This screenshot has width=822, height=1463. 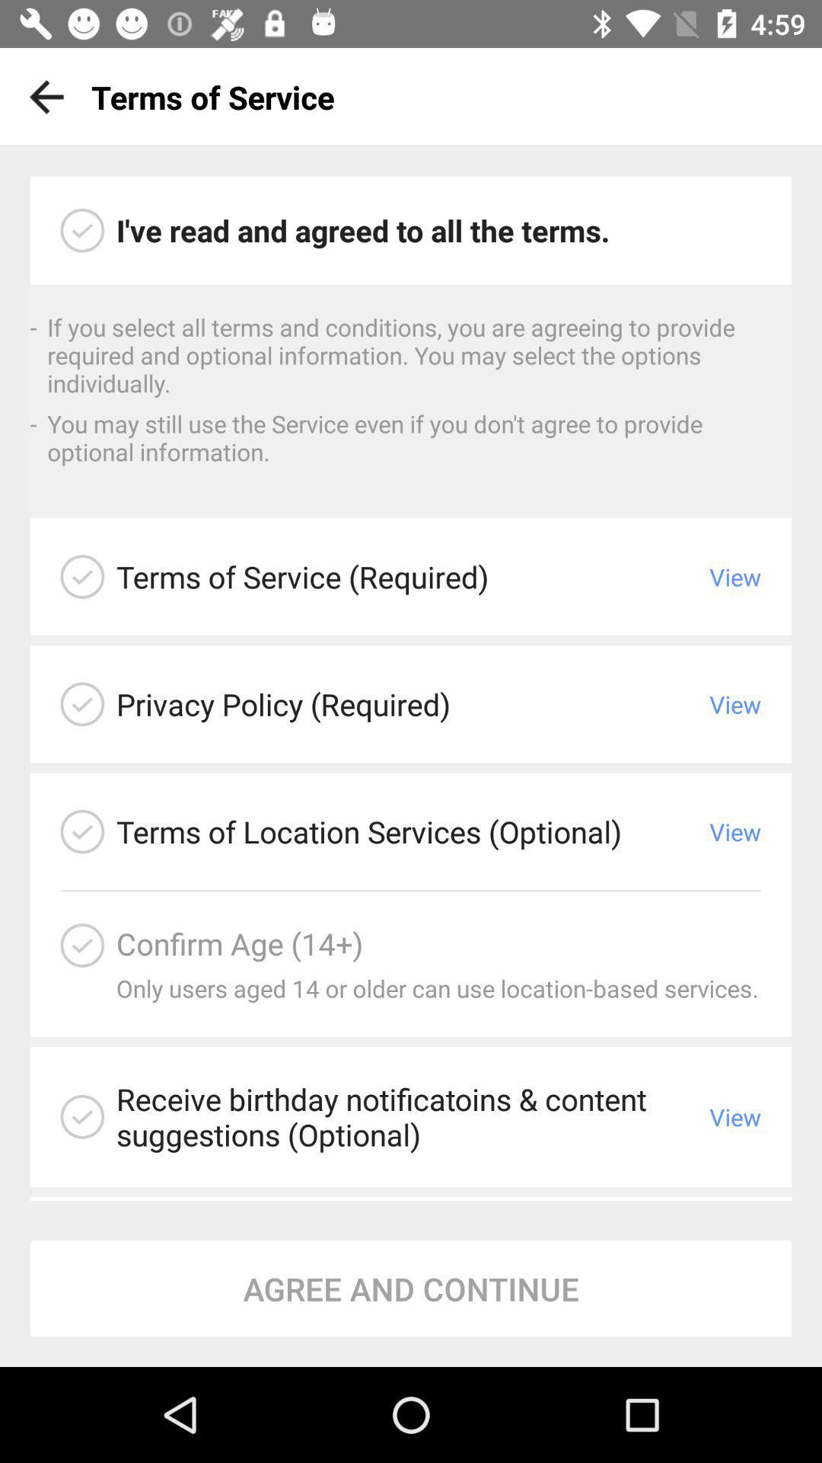 What do you see at coordinates (82, 703) in the screenshot?
I see `review our privacy policy` at bounding box center [82, 703].